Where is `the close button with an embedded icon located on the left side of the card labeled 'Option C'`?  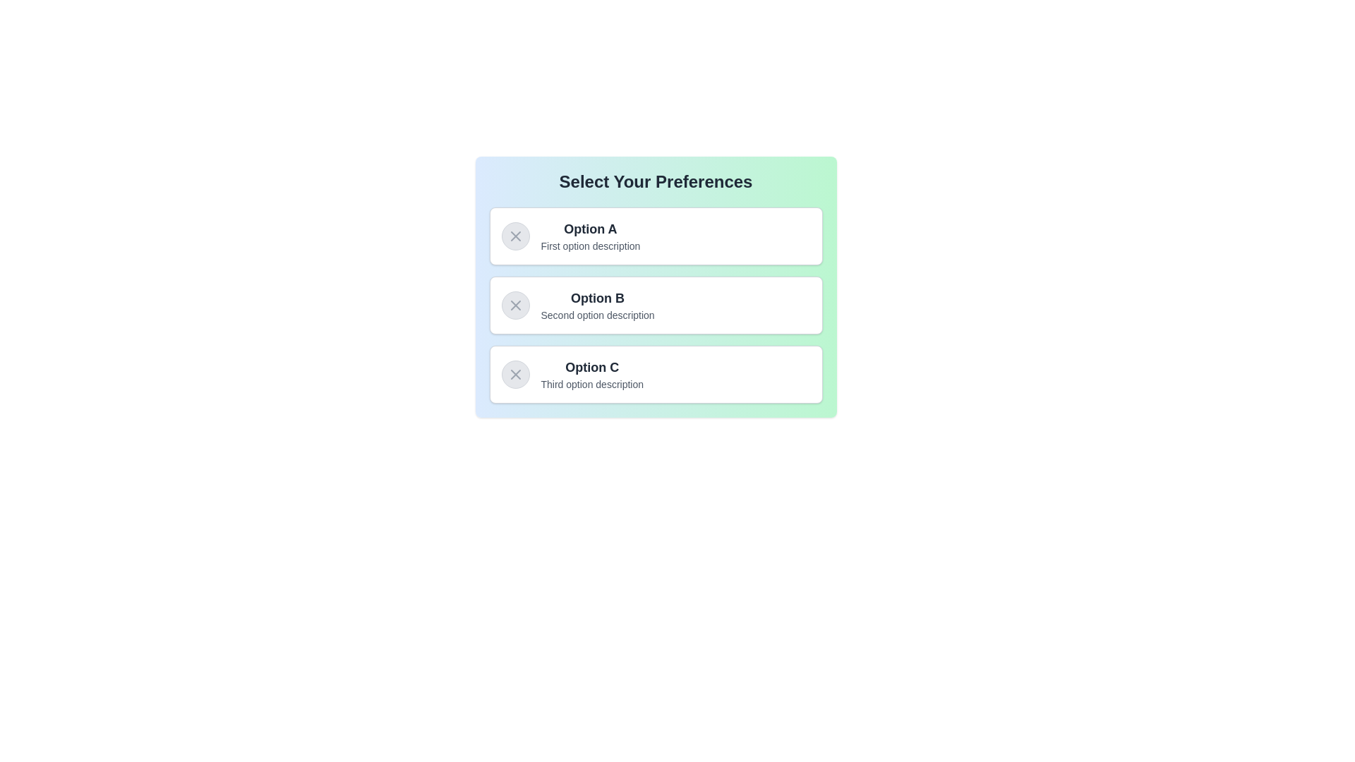
the close button with an embedded icon located on the left side of the card labeled 'Option C' is located at coordinates (514, 374).